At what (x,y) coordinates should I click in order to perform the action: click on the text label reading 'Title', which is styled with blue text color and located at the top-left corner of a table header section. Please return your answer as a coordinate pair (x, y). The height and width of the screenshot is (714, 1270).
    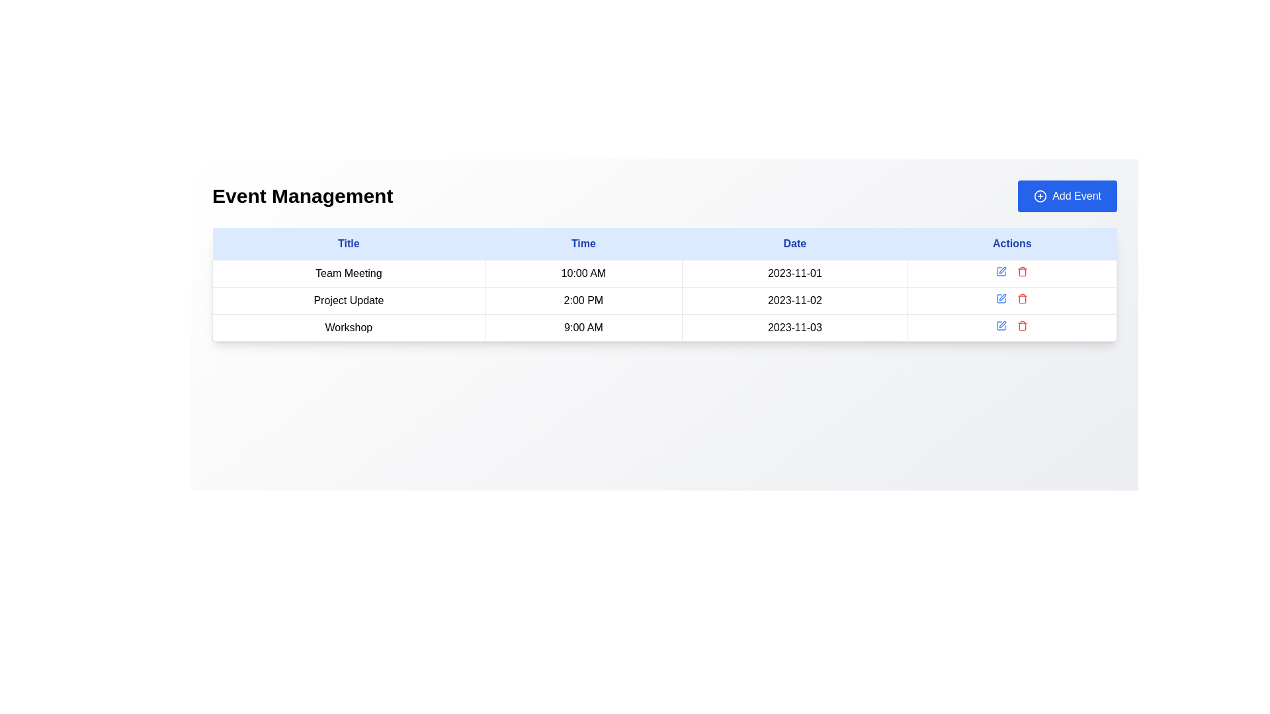
    Looking at the image, I should click on (349, 244).